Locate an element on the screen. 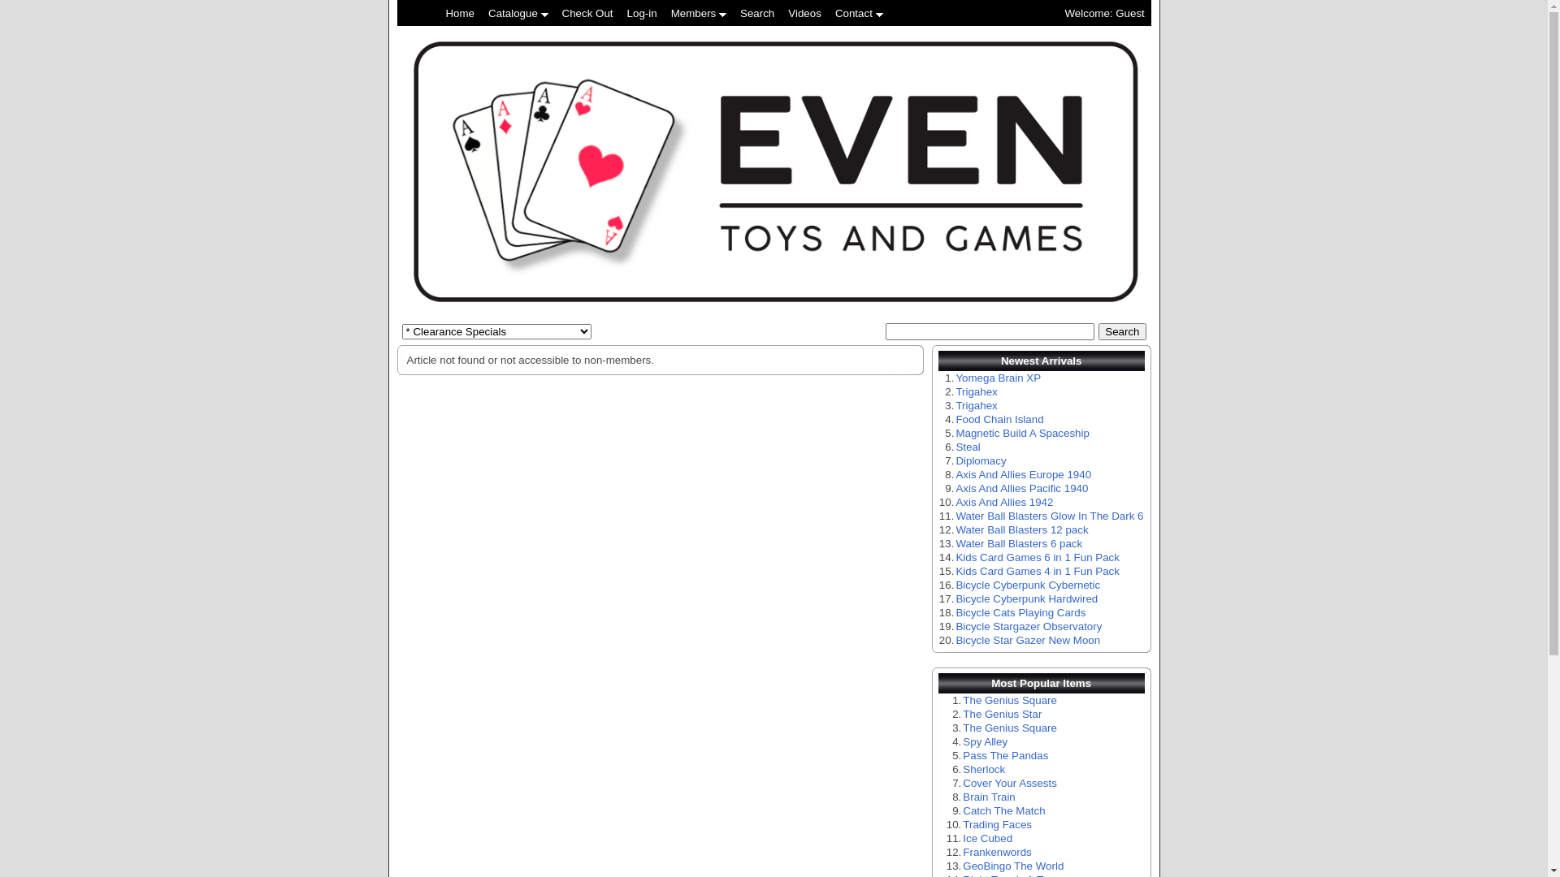 The width and height of the screenshot is (1560, 877). 'Contact' is located at coordinates (858, 13).